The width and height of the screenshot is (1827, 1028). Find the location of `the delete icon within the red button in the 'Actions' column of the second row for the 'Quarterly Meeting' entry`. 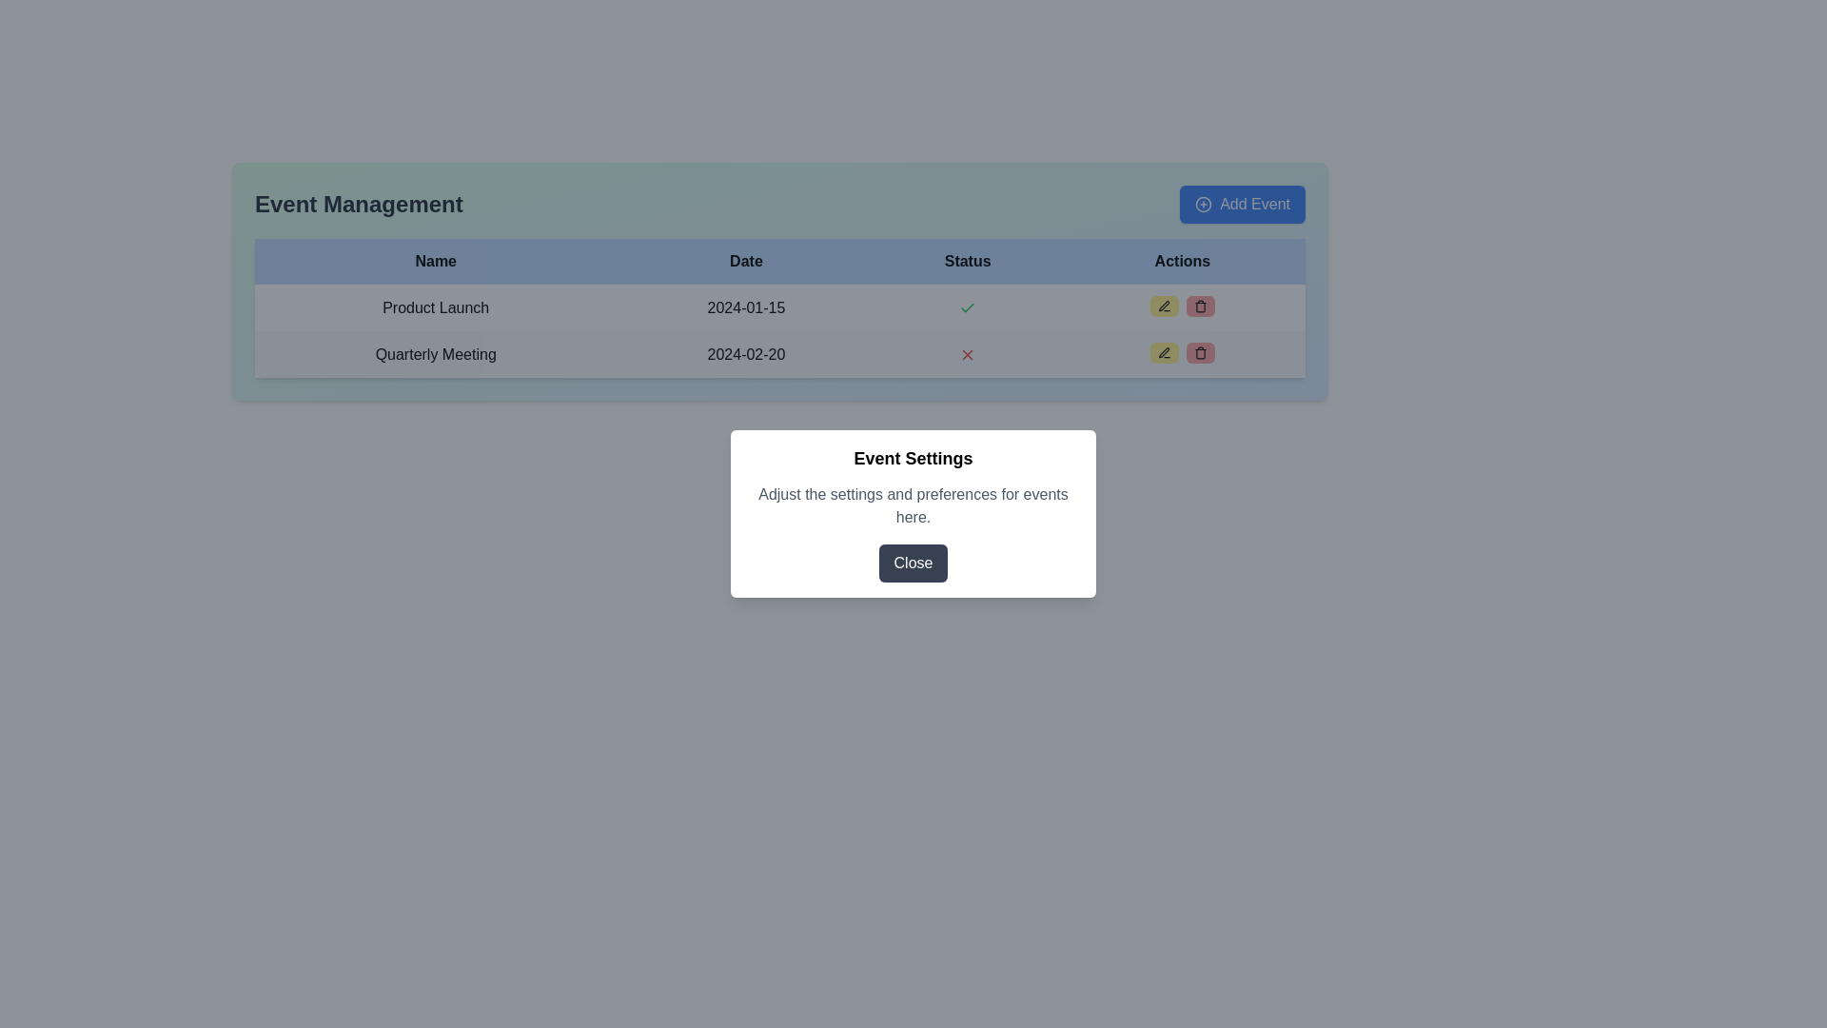

the delete icon within the red button in the 'Actions' column of the second row for the 'Quarterly Meeting' entry is located at coordinates (1200, 352).